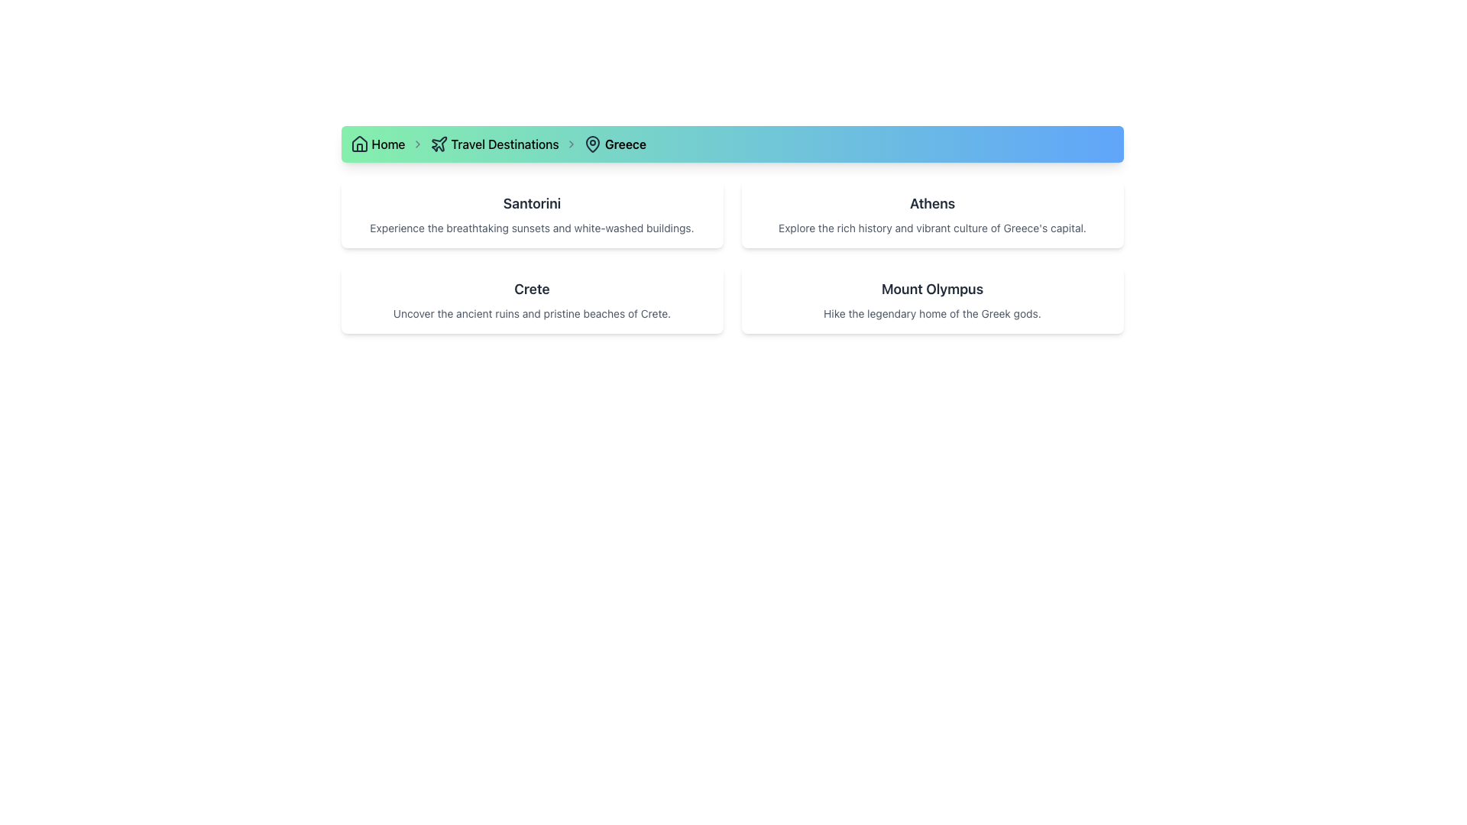  Describe the element at coordinates (358, 144) in the screenshot. I see `the house icon in the breadcrumb navigation bar, which is displayed within a green rectangle` at that location.